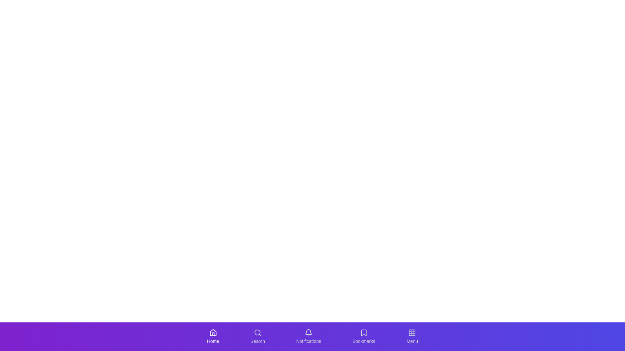 The width and height of the screenshot is (625, 351). I want to click on the Home navigation icon to observe feedback, so click(213, 336).